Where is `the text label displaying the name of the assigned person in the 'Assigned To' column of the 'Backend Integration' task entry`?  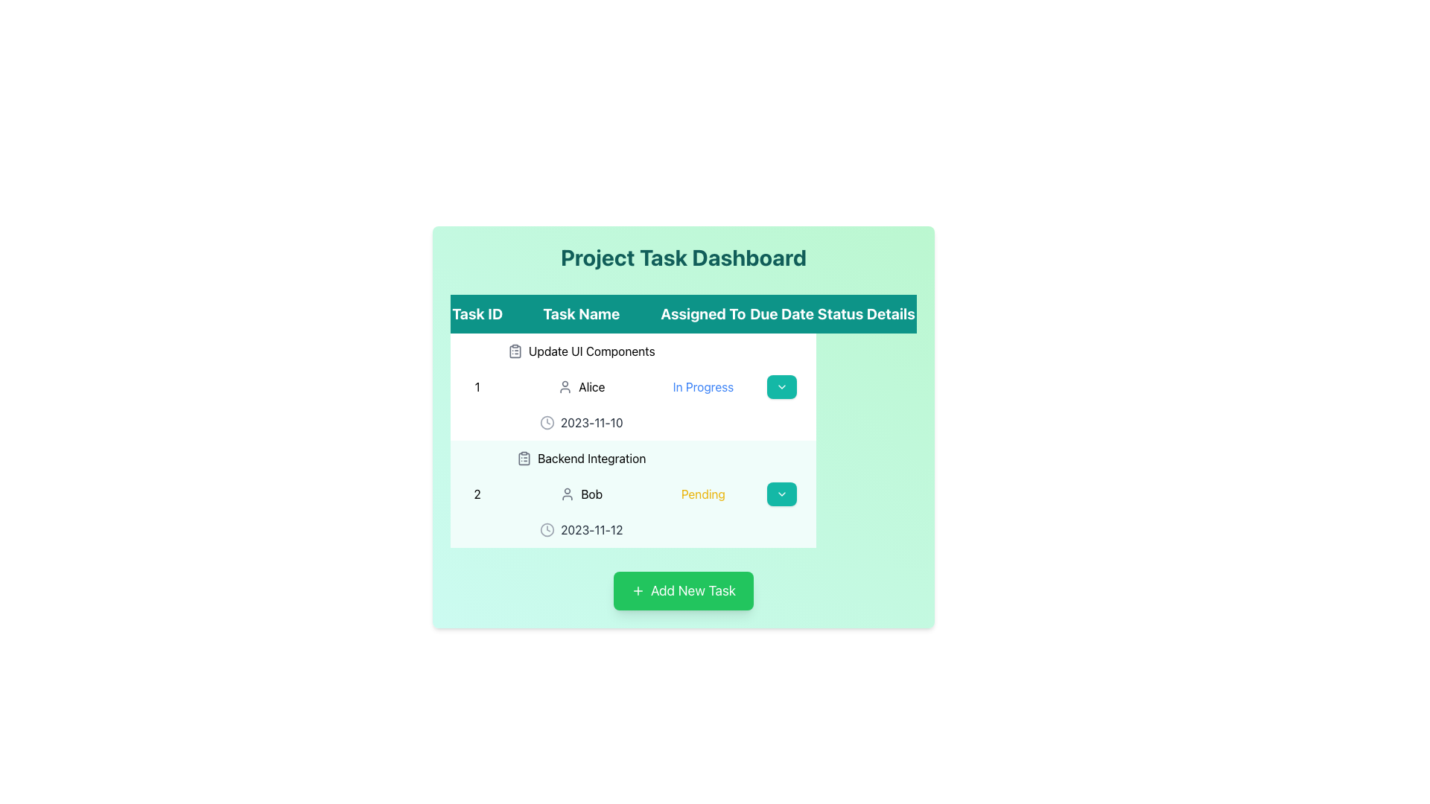
the text label displaying the name of the assigned person in the 'Assigned To' column of the 'Backend Integration' task entry is located at coordinates (591, 494).